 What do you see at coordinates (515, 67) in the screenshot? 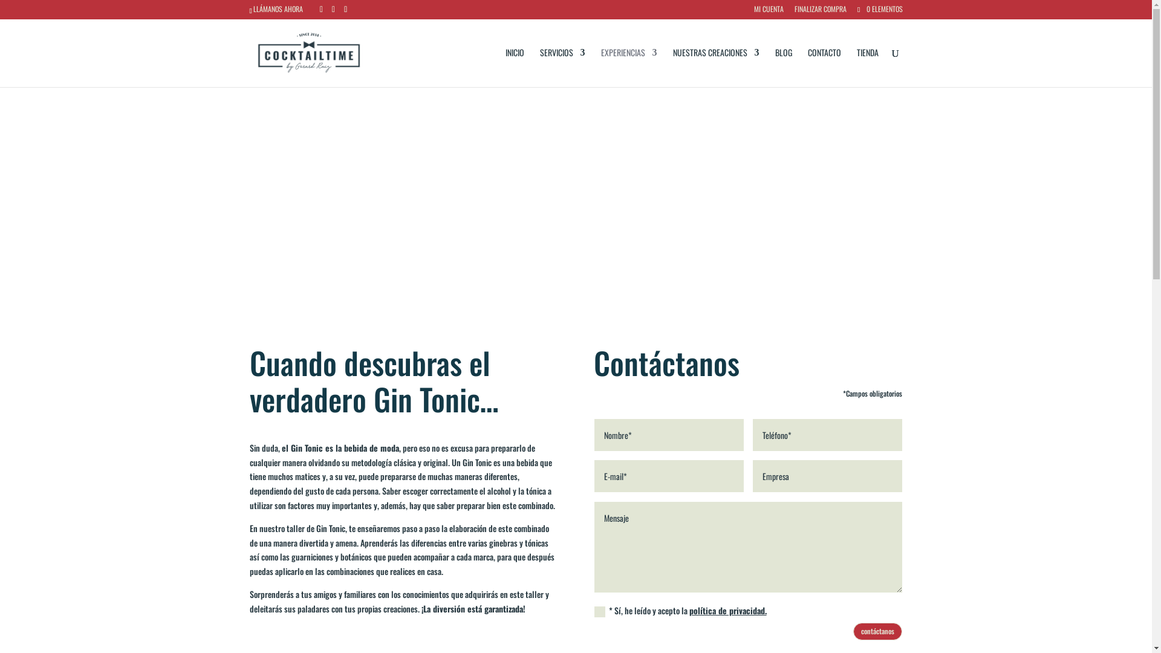
I see `'INICIO'` at bounding box center [515, 67].